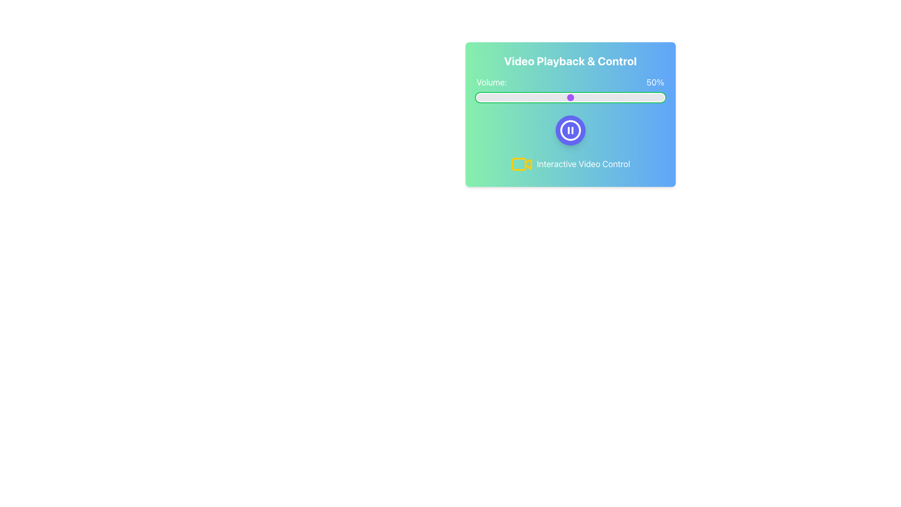  What do you see at coordinates (626, 98) in the screenshot?
I see `the volume` at bounding box center [626, 98].